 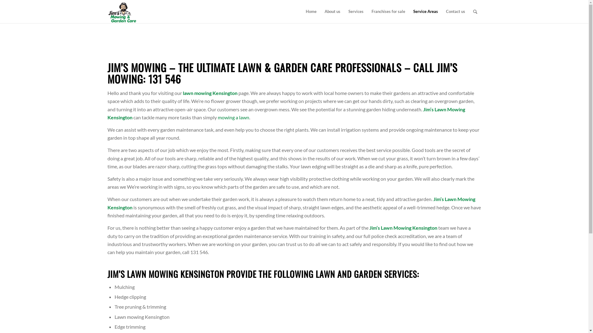 I want to click on 'mowing a lawn', so click(x=217, y=117).